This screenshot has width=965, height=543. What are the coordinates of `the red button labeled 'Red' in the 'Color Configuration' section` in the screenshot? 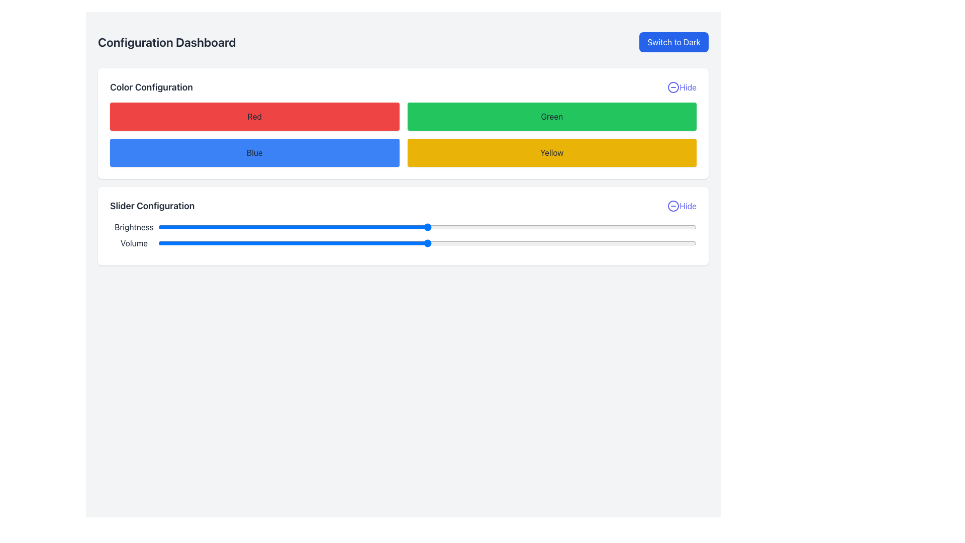 It's located at (254, 116).